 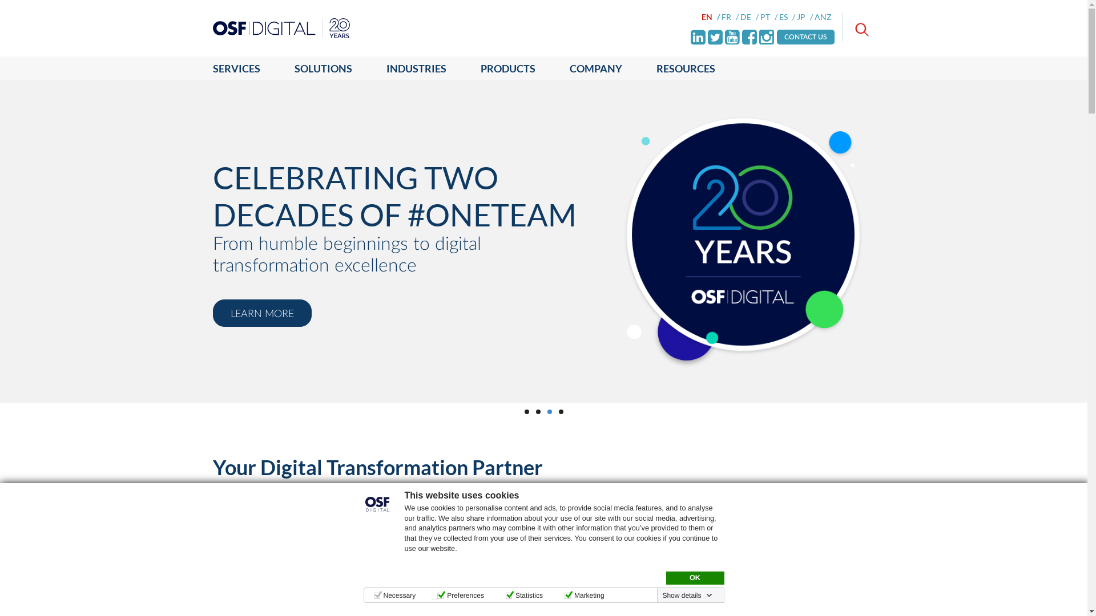 I want to click on 'Go', so click(x=7, y=7).